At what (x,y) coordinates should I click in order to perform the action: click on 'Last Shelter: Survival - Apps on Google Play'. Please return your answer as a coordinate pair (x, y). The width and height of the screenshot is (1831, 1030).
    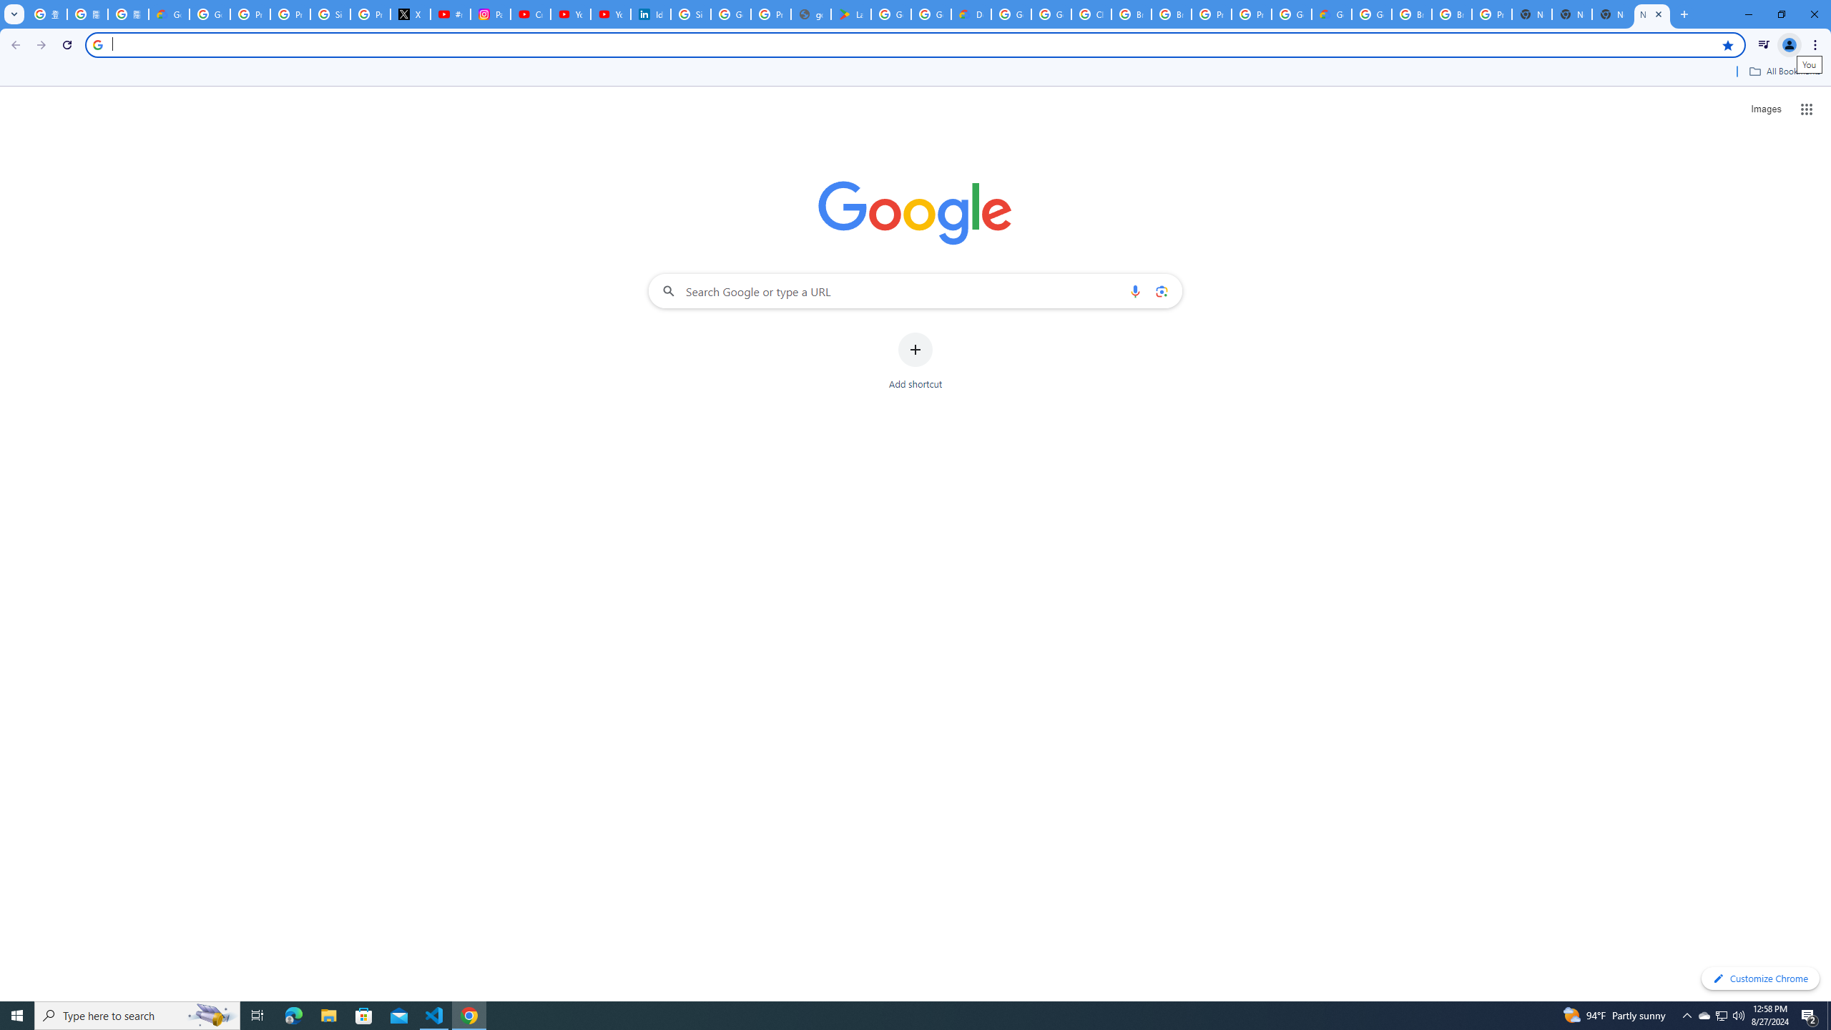
    Looking at the image, I should click on (850, 14).